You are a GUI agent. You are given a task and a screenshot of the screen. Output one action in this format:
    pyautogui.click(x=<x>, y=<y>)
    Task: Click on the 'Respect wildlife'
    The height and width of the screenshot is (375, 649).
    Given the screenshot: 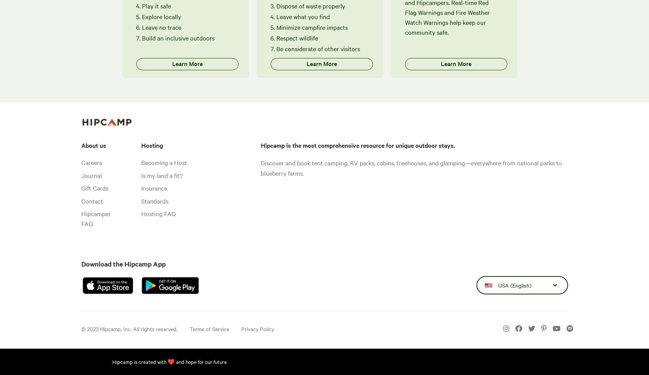 What is the action you would take?
    pyautogui.click(x=297, y=37)
    